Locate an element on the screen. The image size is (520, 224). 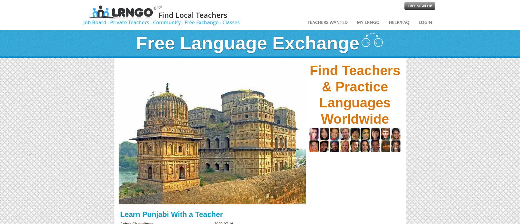
'Free Exchange .' is located at coordinates (203, 22).